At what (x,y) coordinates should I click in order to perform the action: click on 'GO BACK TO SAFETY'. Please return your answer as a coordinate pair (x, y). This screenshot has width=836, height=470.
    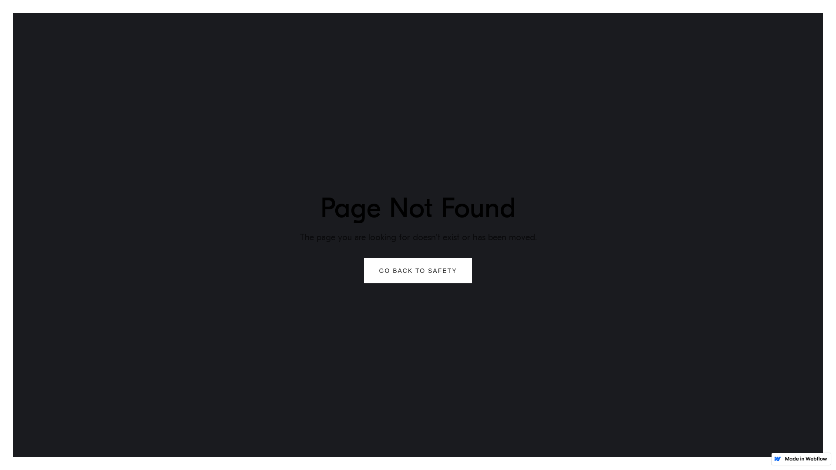
    Looking at the image, I should click on (418, 270).